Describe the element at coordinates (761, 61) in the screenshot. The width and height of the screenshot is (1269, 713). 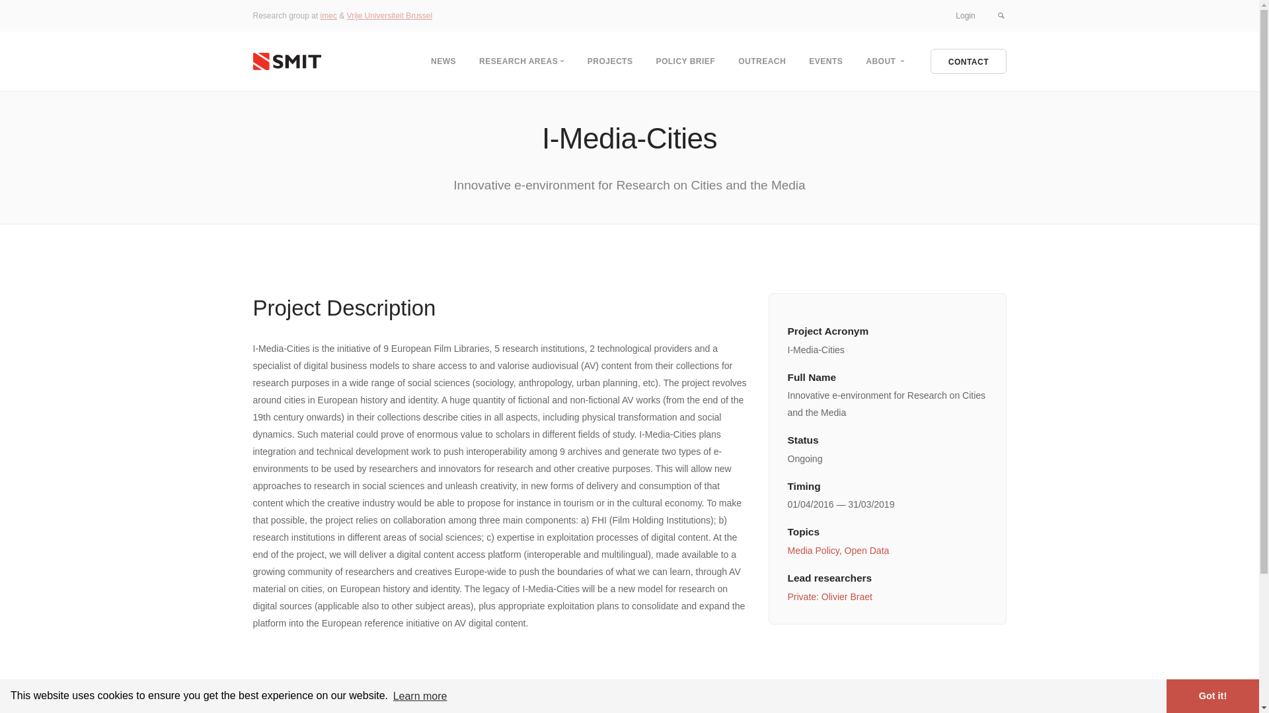
I see `'OUTREACH'` at that location.